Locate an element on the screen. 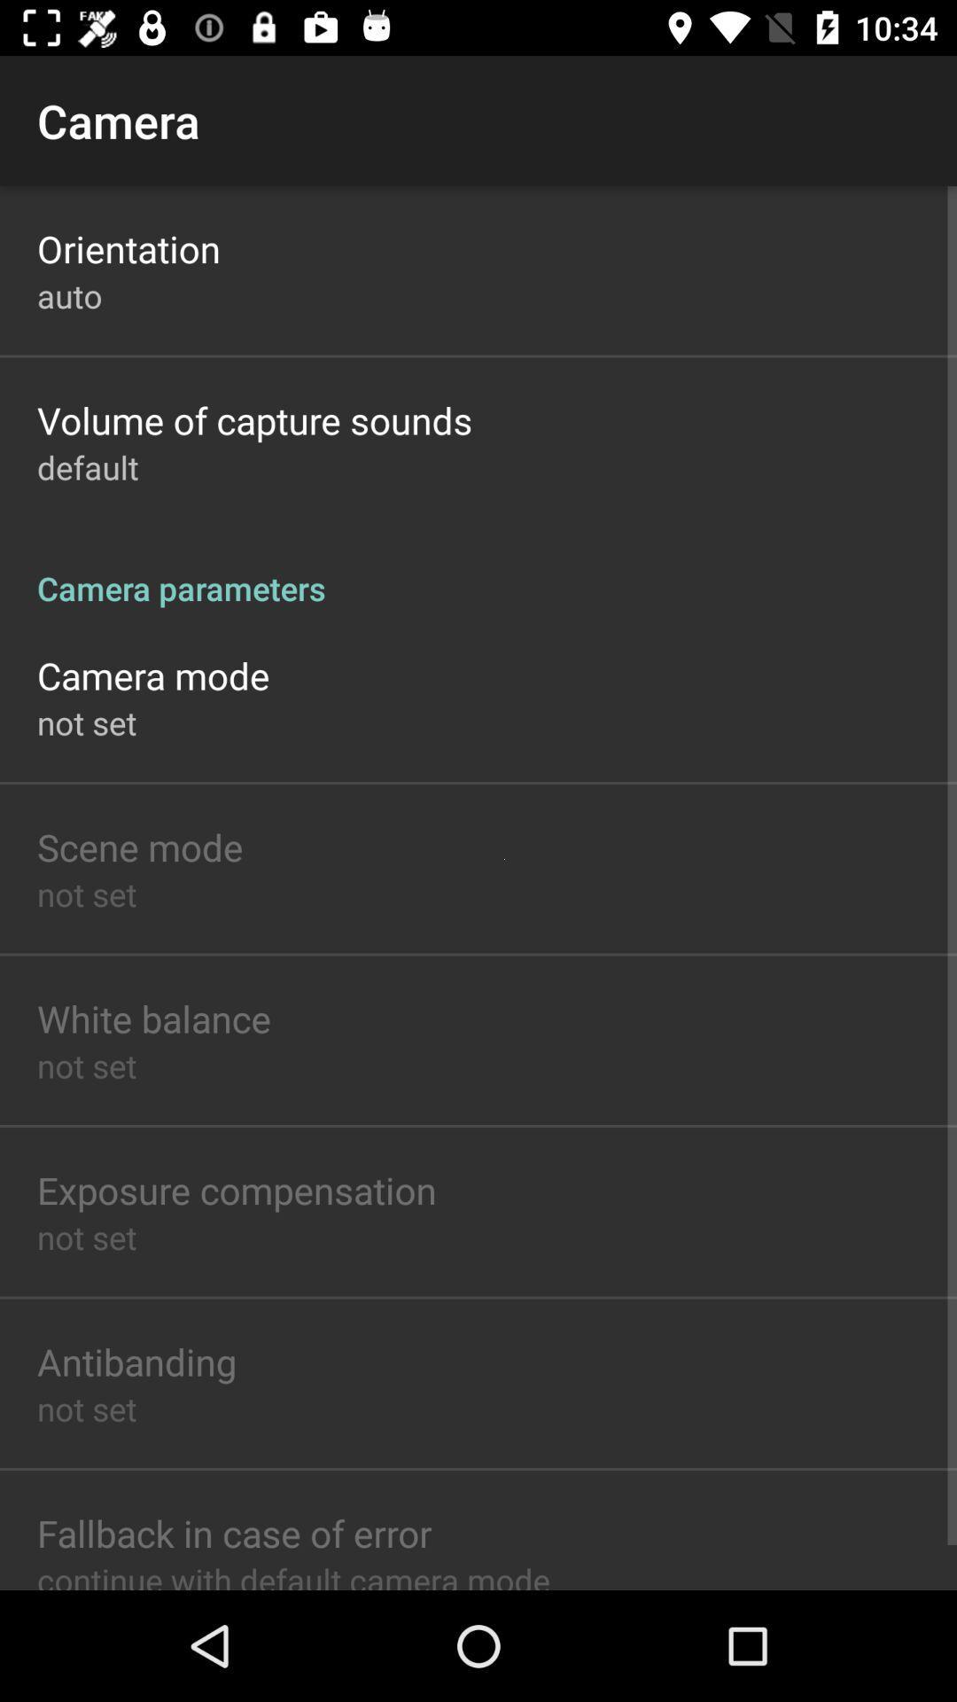  antibanding icon is located at coordinates (136, 1361).